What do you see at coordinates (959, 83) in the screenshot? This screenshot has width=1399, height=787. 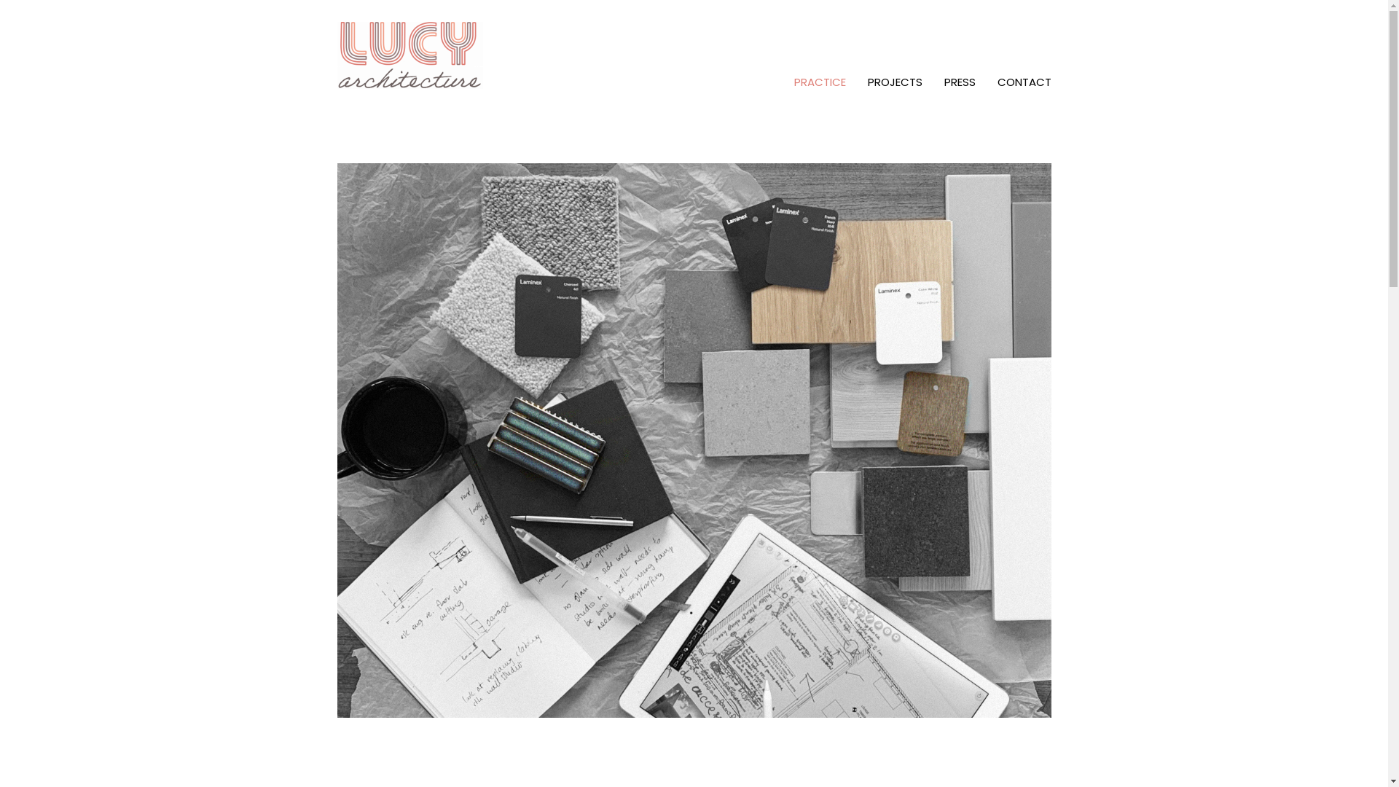 I see `'PRESS'` at bounding box center [959, 83].